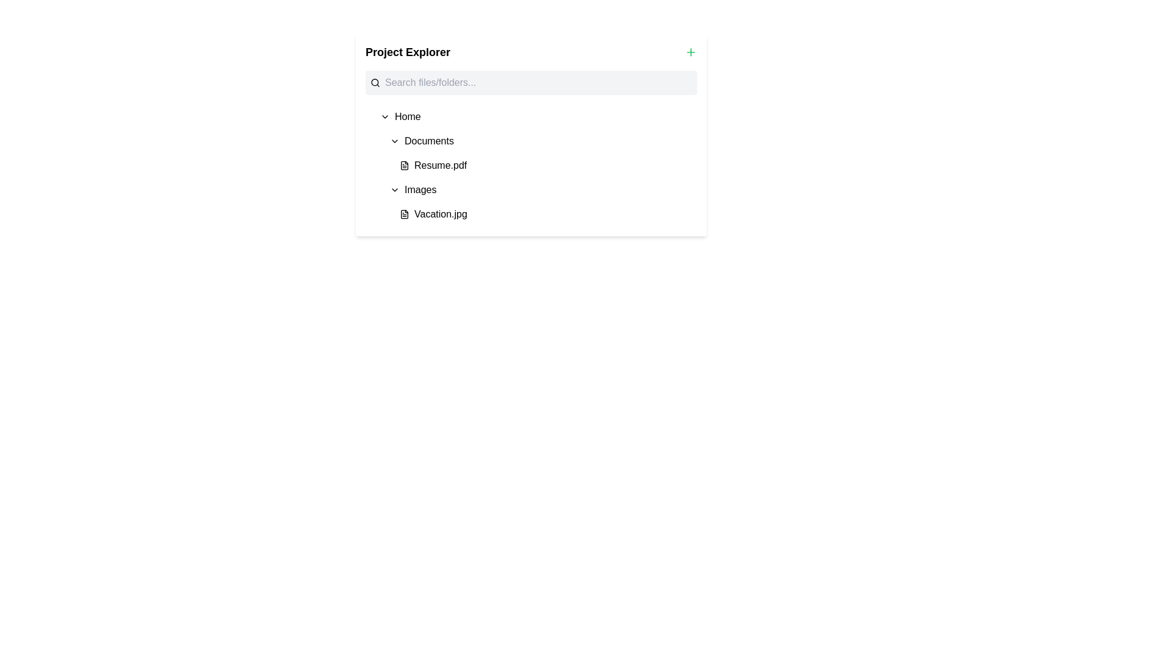  What do you see at coordinates (408, 117) in the screenshot?
I see `the 'Home' text label in the navigation panel` at bounding box center [408, 117].